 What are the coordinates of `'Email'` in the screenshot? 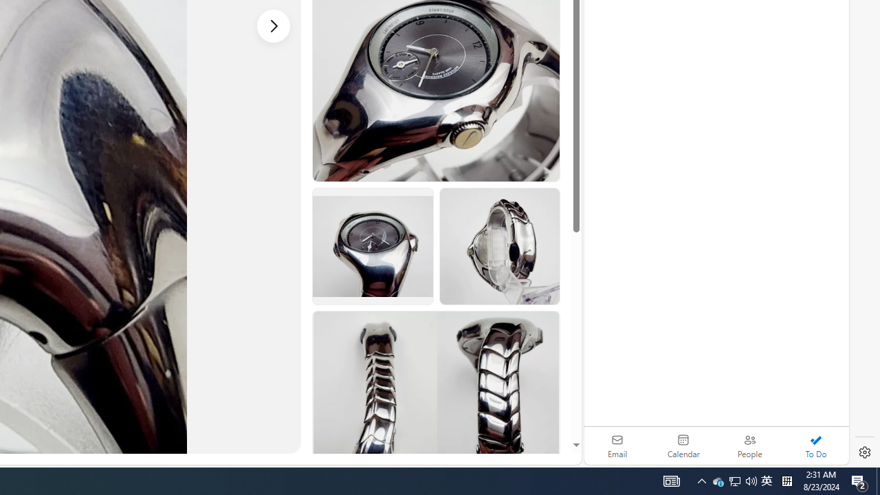 It's located at (617, 445).